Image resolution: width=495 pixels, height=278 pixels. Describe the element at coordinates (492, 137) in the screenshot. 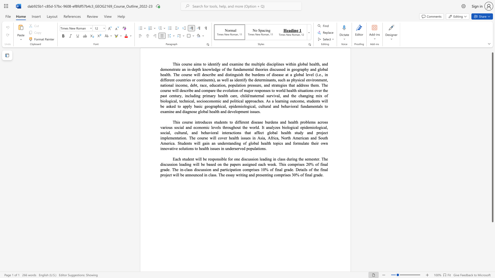

I see `the scrollbar and move down 140 pixels` at that location.